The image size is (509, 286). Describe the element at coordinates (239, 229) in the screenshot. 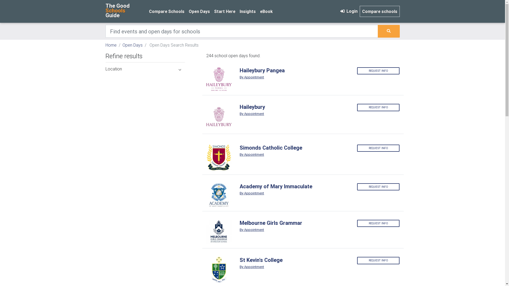

I see `'By Appointment'` at that location.